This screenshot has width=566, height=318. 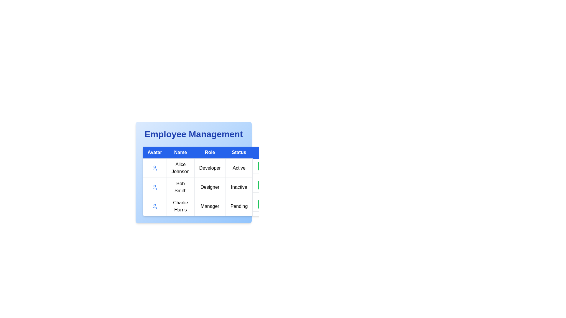 I want to click on the avatar icon located in the first column of the second row of the 'Employee Management' table, which visually represents the individual listed, so click(x=155, y=206).